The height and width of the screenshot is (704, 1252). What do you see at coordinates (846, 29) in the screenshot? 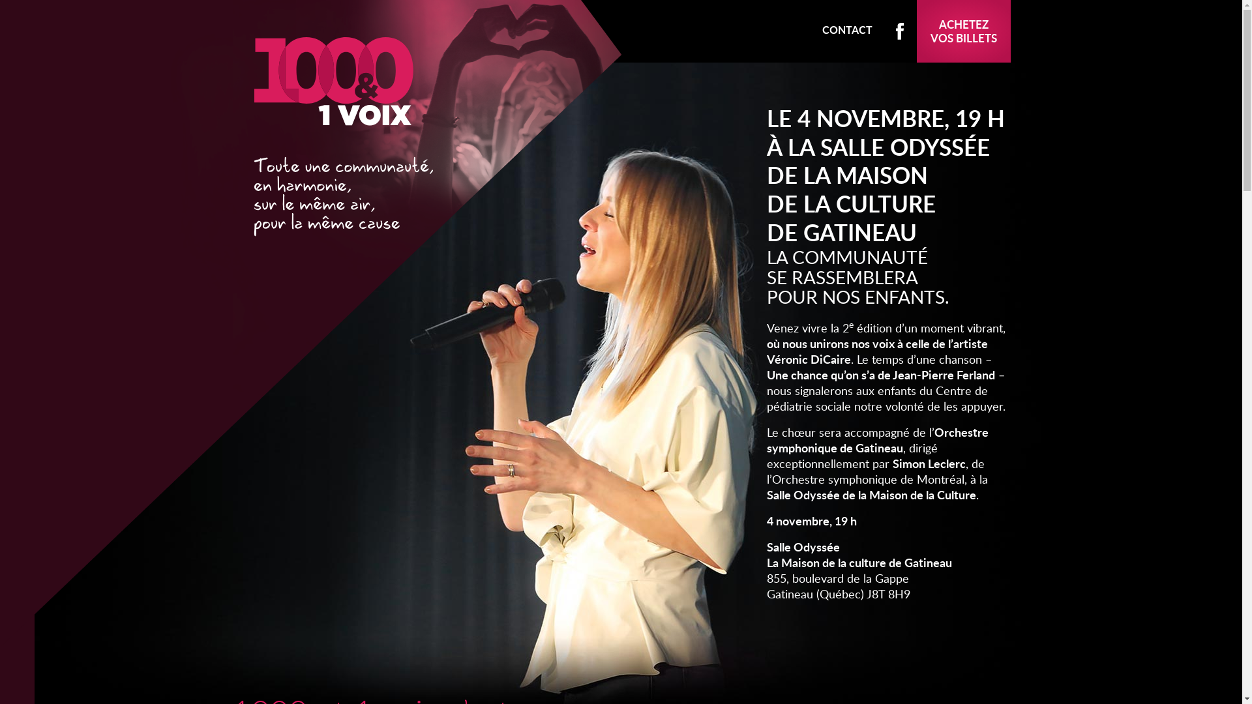
I see `'CONTACT'` at bounding box center [846, 29].